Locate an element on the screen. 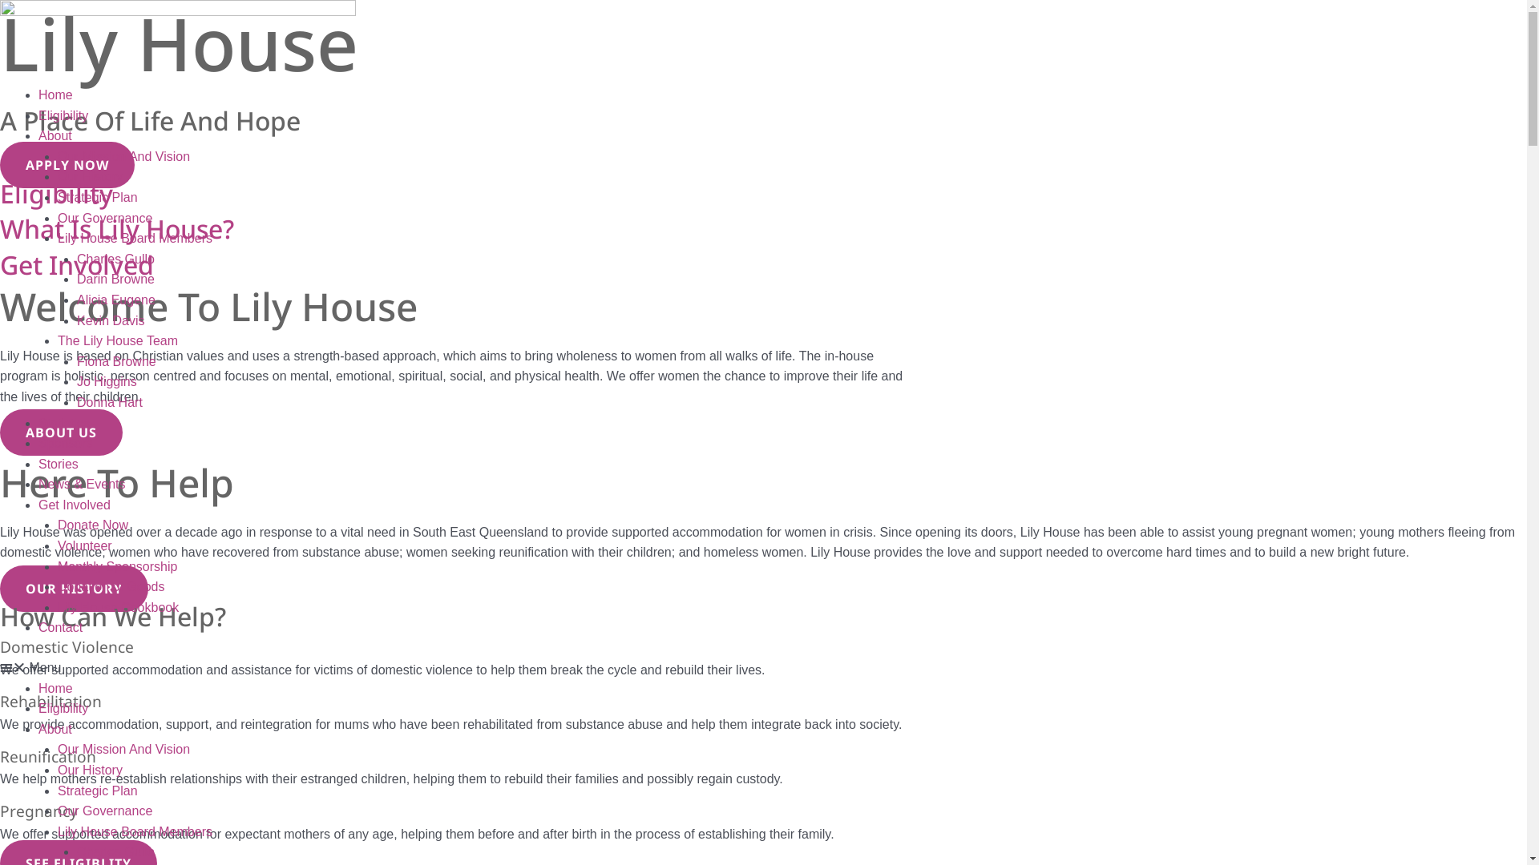  'Jo Higgins' is located at coordinates (76, 381).